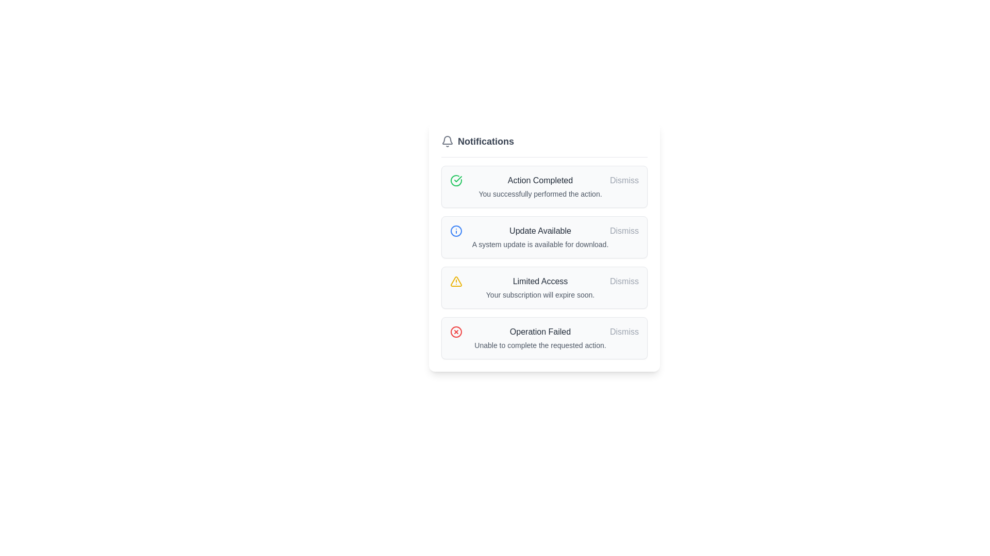 The image size is (990, 556). Describe the element at coordinates (448, 140) in the screenshot. I see `the bell-shaped notification icon located in the 'Notifications' section header, positioned in the top-left corner above the first notification entry` at that location.